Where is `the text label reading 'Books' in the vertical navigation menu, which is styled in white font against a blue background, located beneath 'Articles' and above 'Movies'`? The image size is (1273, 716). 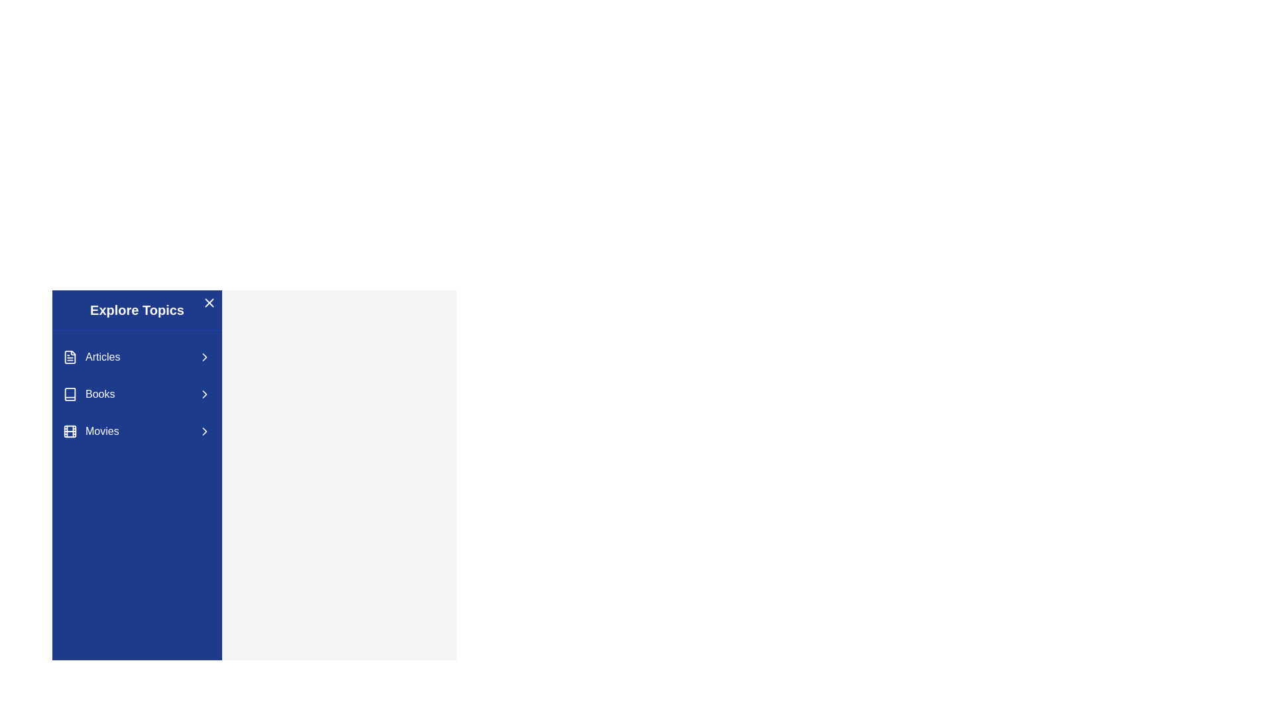 the text label reading 'Books' in the vertical navigation menu, which is styled in white font against a blue background, located beneath 'Articles' and above 'Movies' is located at coordinates (99, 393).